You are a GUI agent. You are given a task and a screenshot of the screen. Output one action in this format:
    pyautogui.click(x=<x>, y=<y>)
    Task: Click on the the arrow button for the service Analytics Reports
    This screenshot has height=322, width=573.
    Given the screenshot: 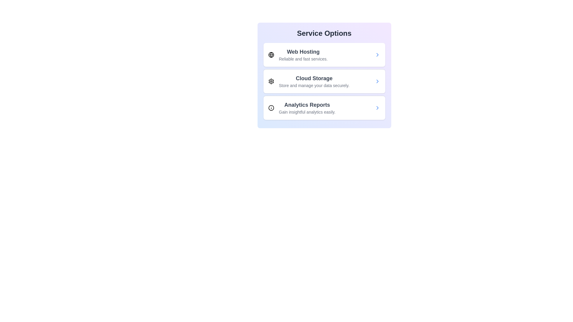 What is the action you would take?
    pyautogui.click(x=377, y=108)
    